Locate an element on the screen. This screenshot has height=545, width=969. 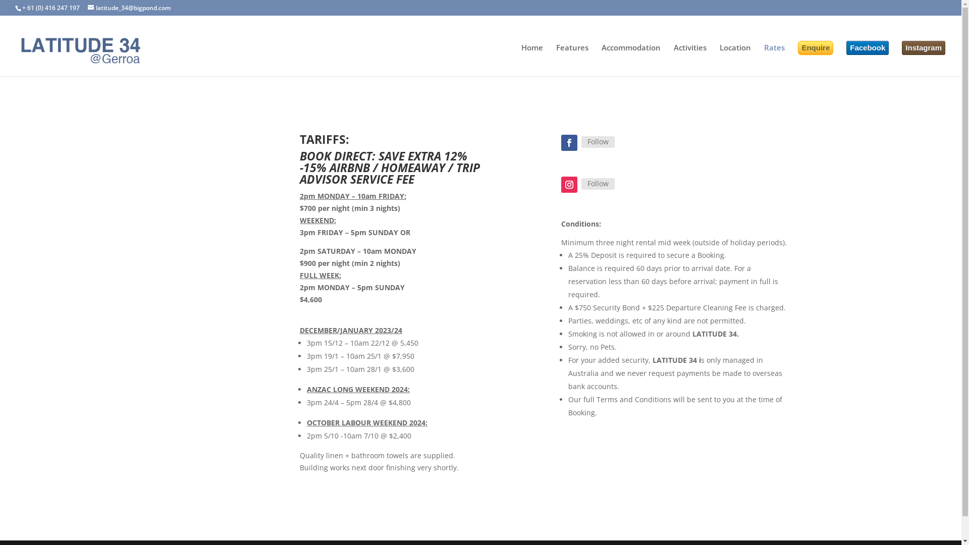
'+ 61 (0) 416 247 197' is located at coordinates (50, 8).